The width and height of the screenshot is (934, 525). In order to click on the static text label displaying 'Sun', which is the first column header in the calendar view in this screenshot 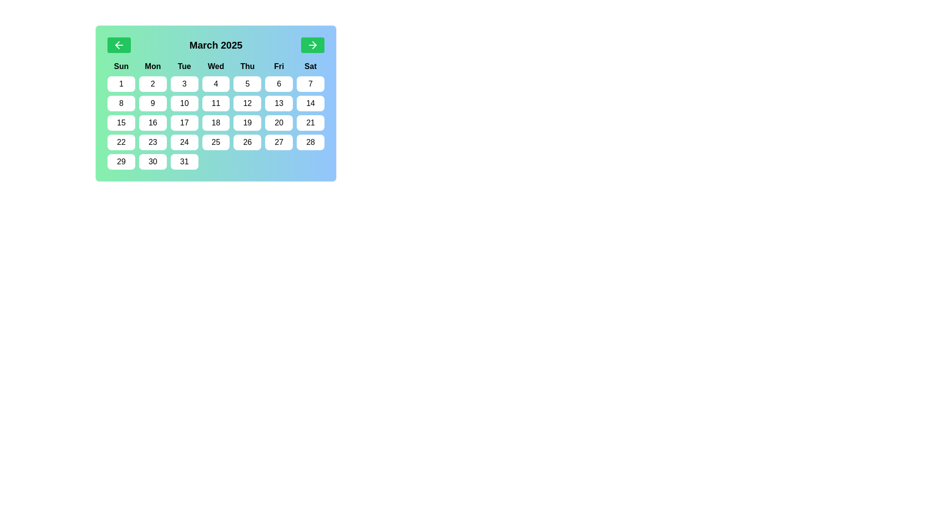, I will do `click(121, 66)`.